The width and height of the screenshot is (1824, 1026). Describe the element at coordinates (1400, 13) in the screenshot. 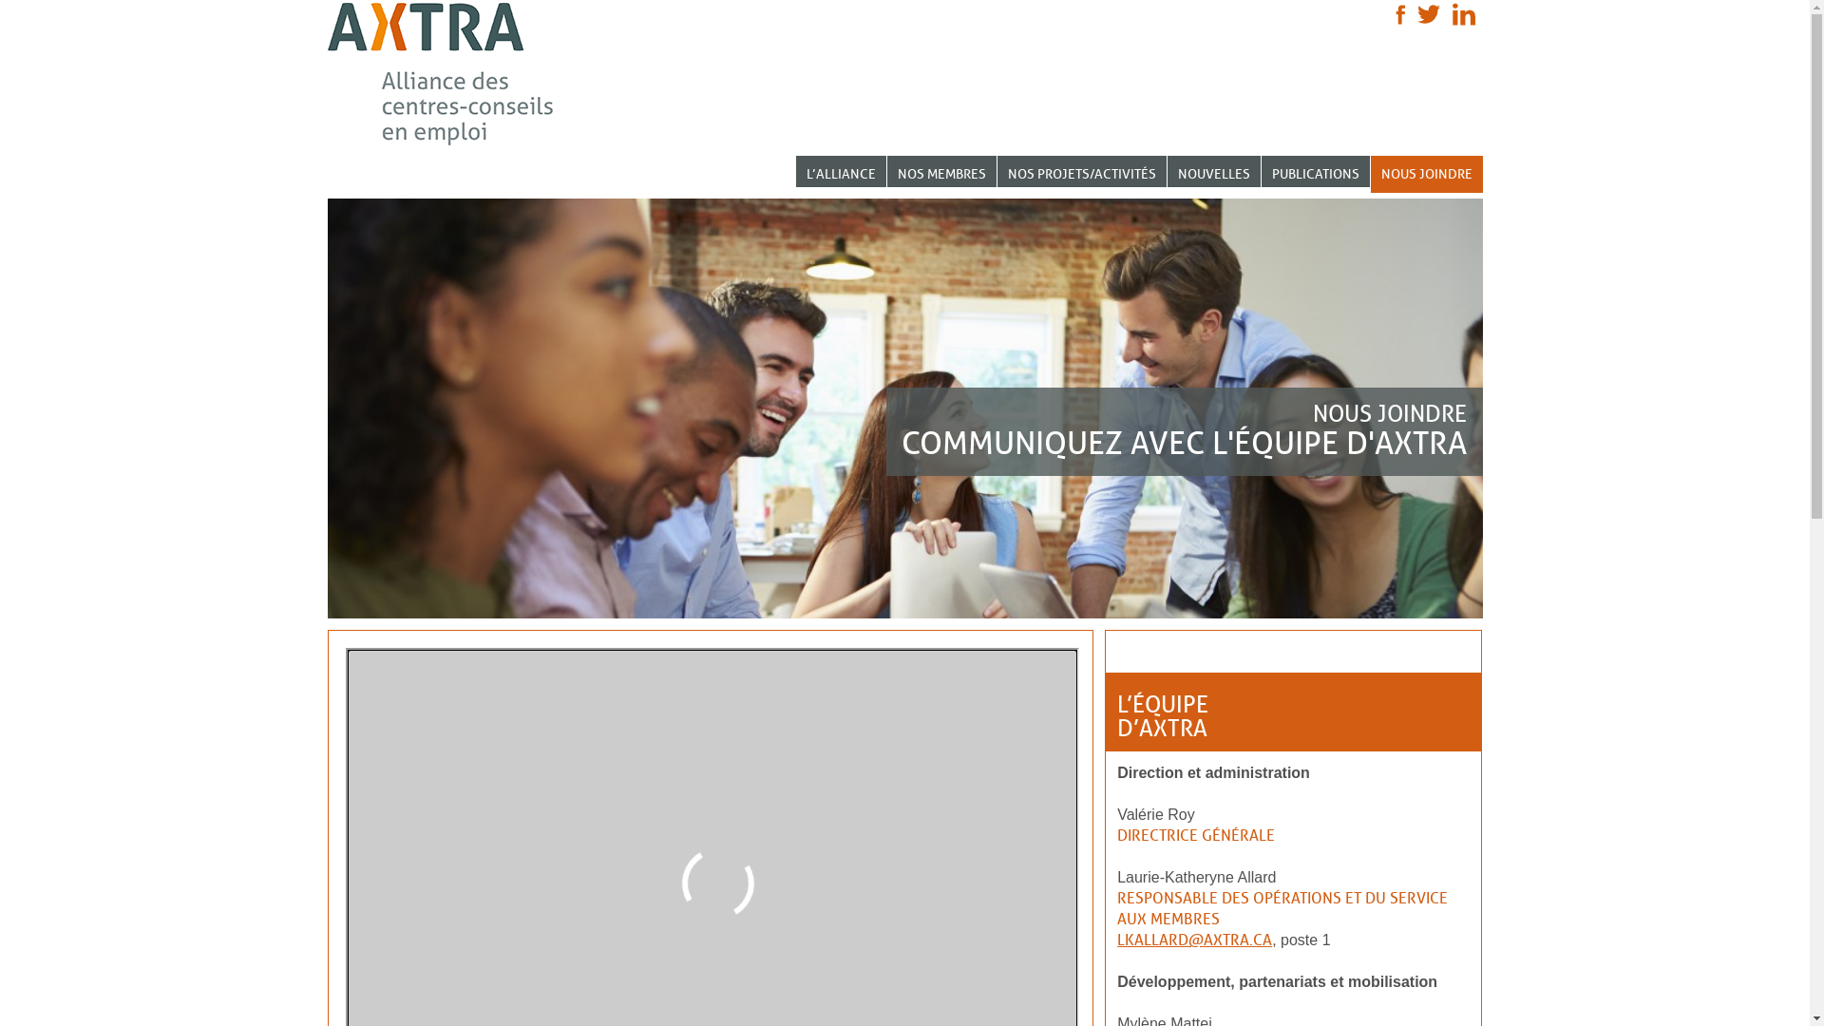

I see `'Facebook'` at that location.